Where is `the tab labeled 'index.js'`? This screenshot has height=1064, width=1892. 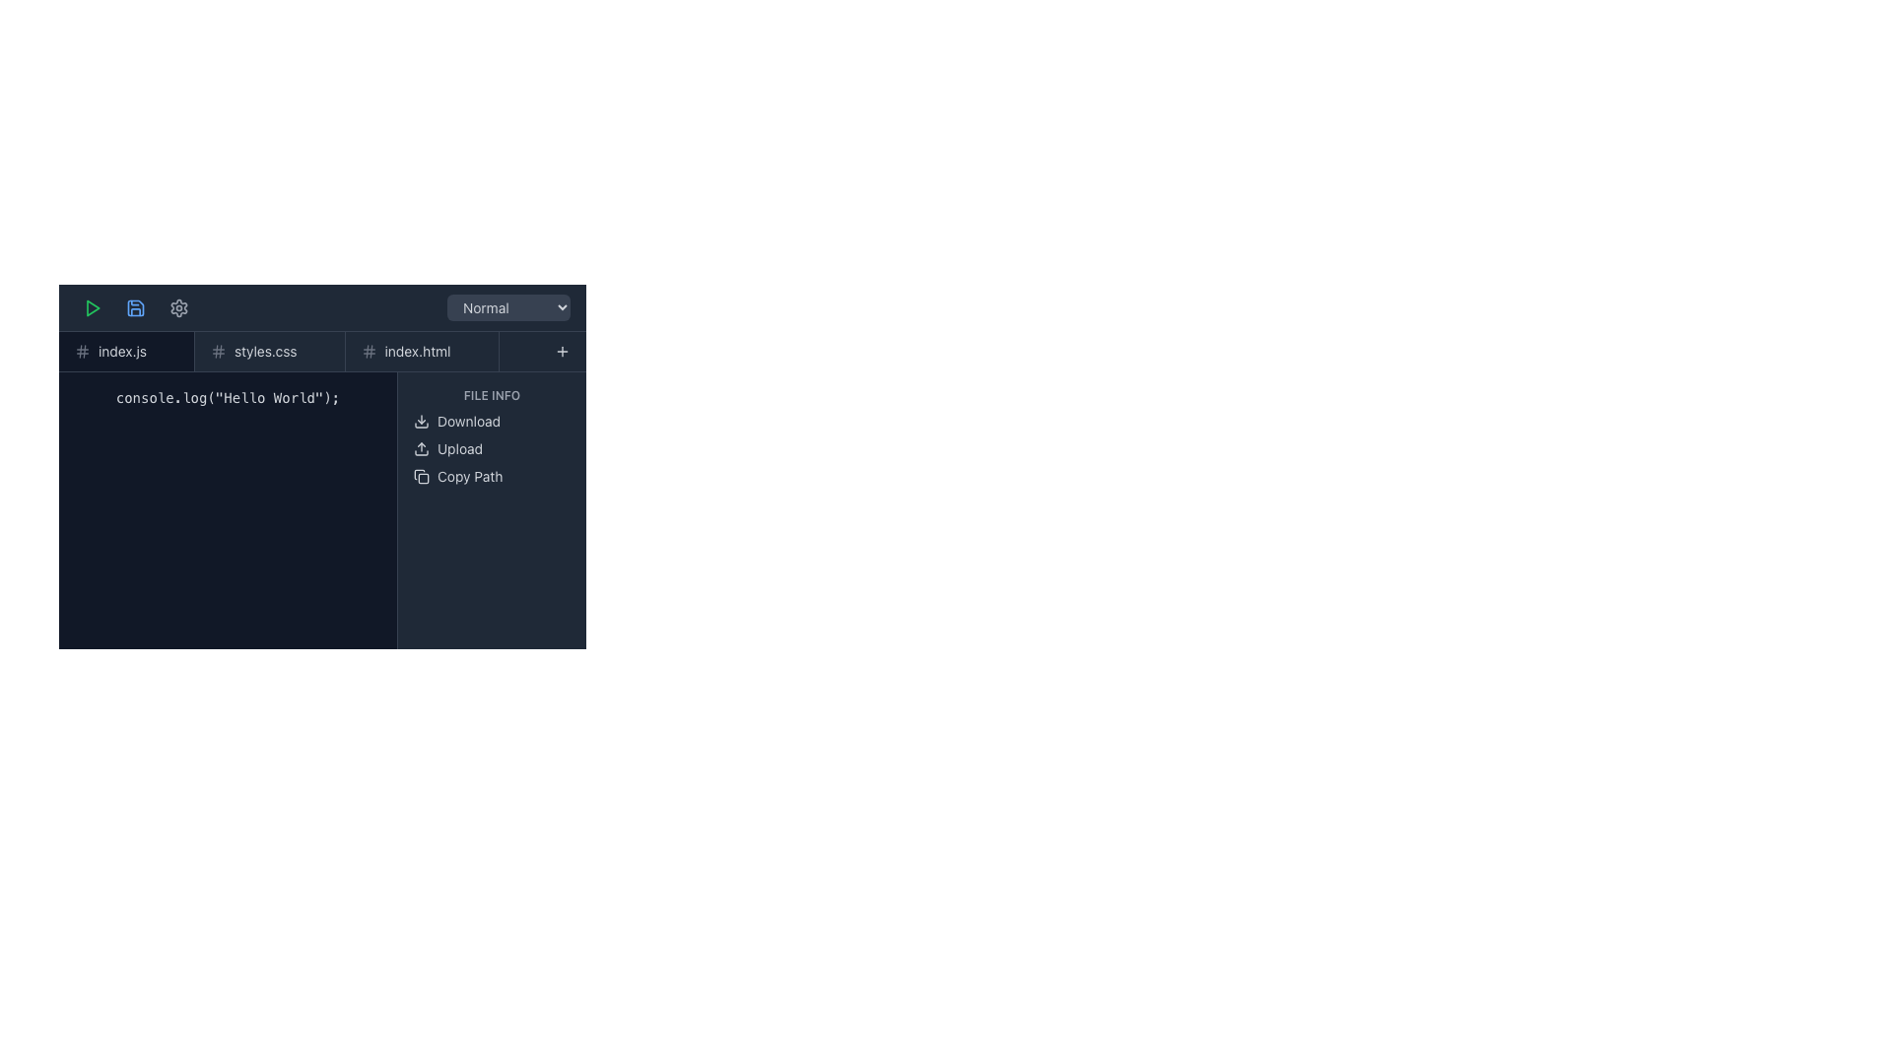 the tab labeled 'index.js' is located at coordinates (121, 351).